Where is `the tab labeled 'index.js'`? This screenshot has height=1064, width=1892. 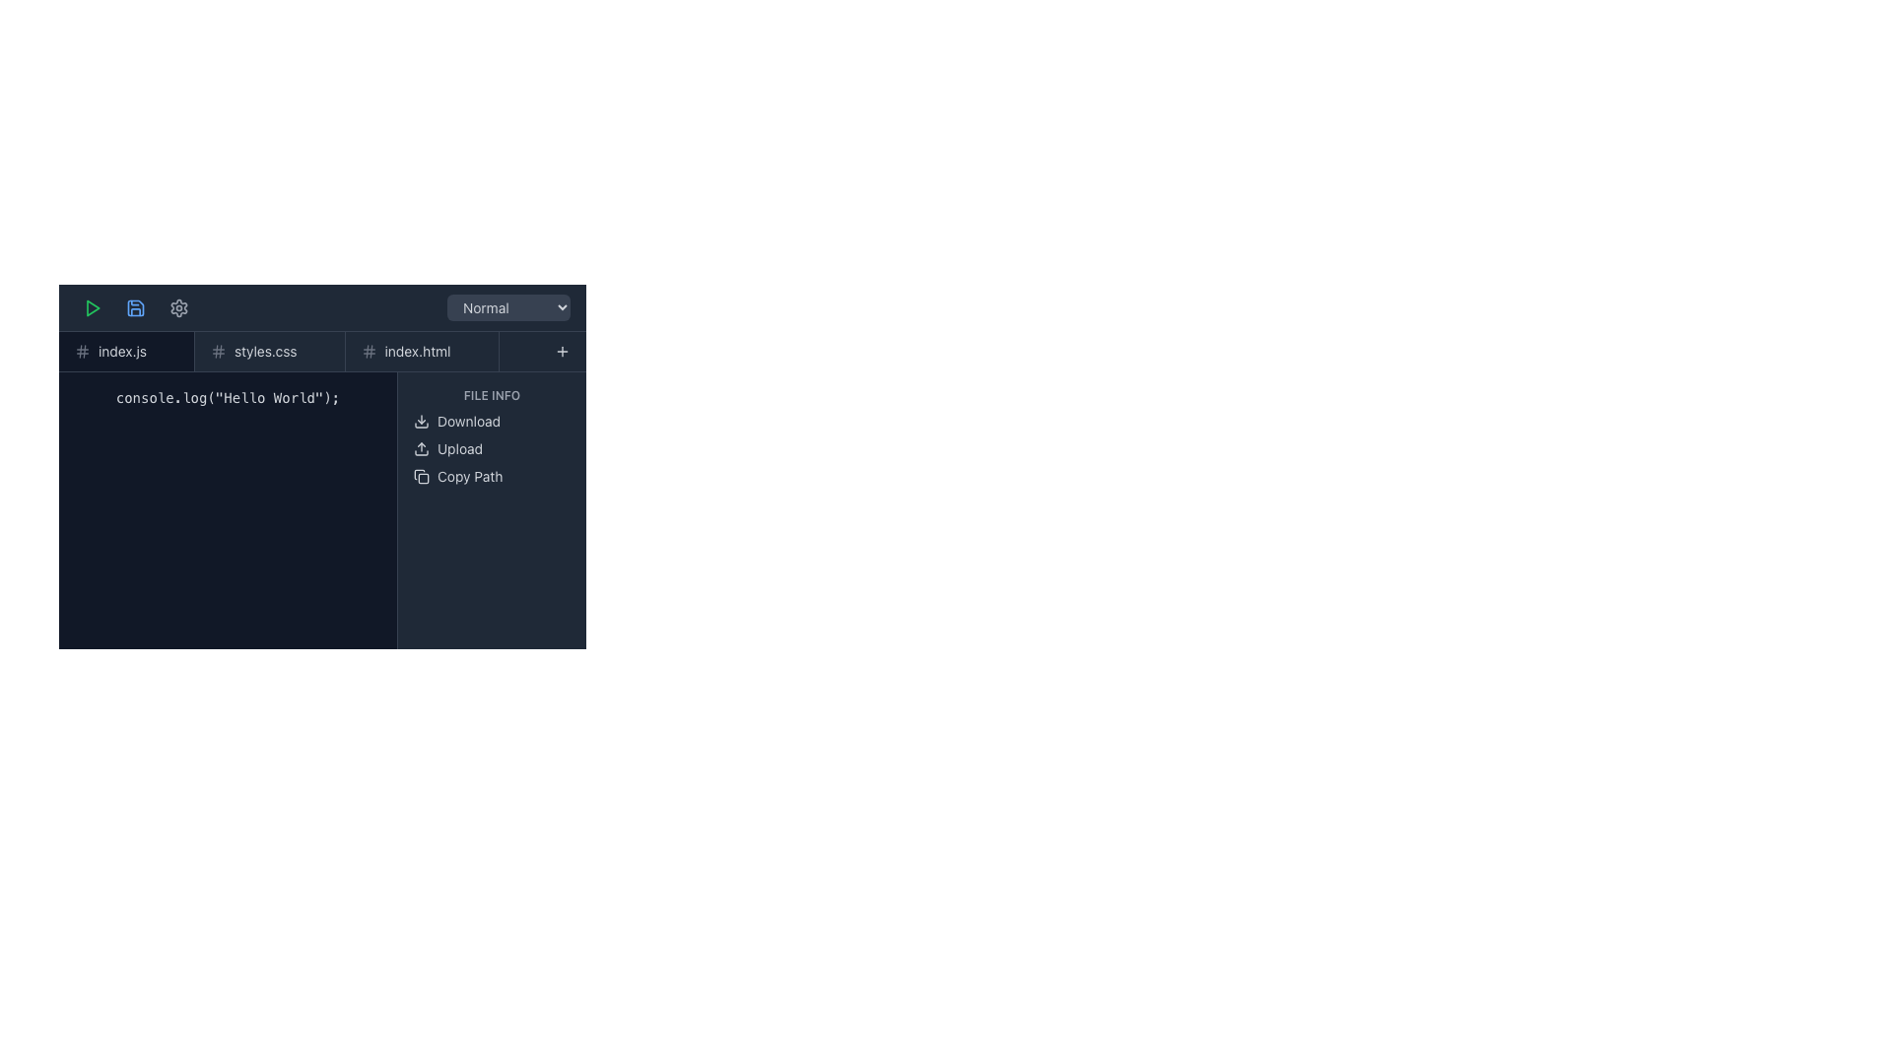 the tab labeled 'index.js' is located at coordinates (121, 351).